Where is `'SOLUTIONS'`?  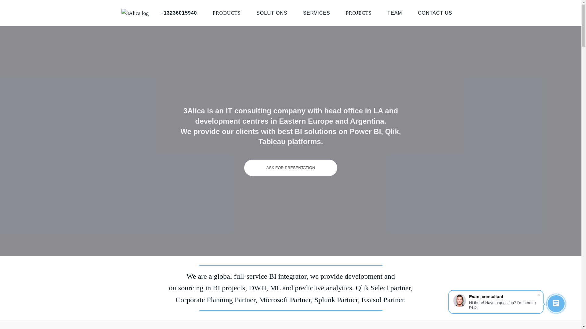
'SOLUTIONS' is located at coordinates (271, 13).